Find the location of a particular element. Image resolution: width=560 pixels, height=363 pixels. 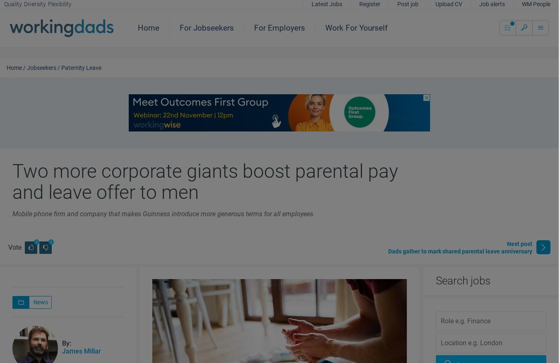

'Mobile phone firm and company that makes Guinness introduce more generous terms for all employees' is located at coordinates (163, 214).